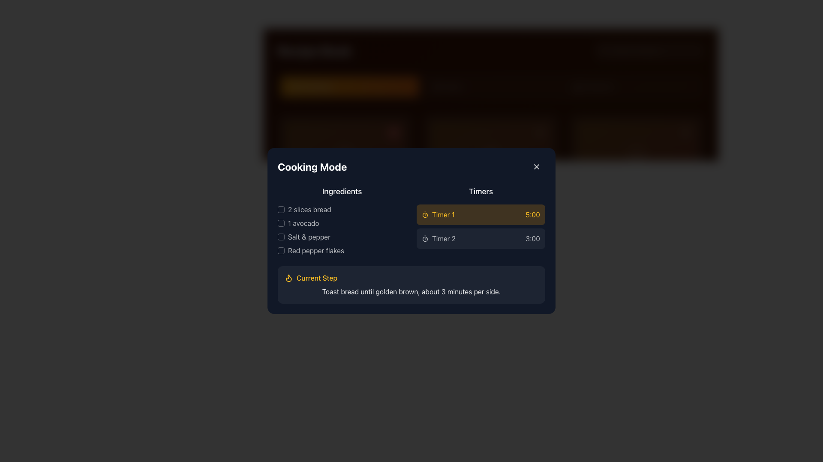  I want to click on the checkbox in the 'Ingredients' checklist to mark it as checked, so click(341, 220).